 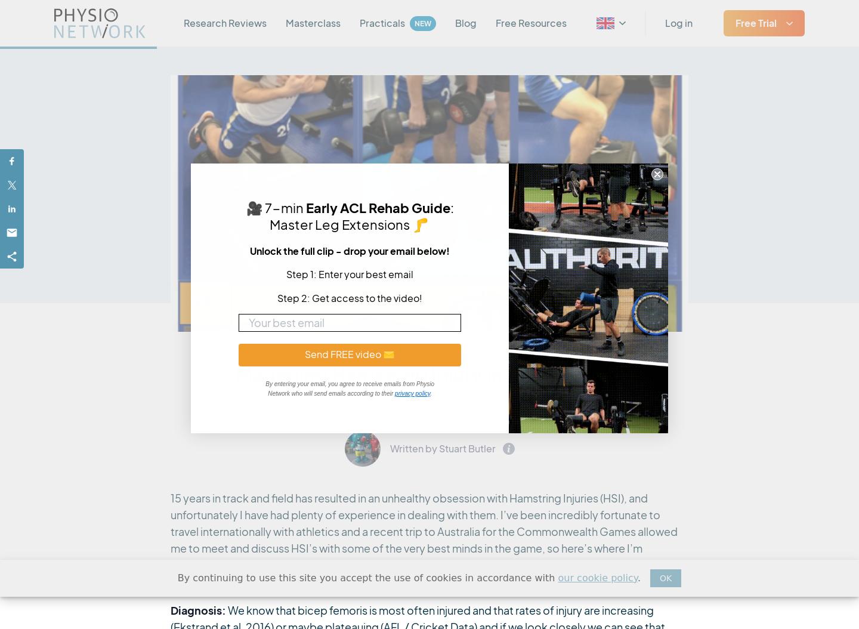 I want to click on 'FR', so click(x=616, y=105).